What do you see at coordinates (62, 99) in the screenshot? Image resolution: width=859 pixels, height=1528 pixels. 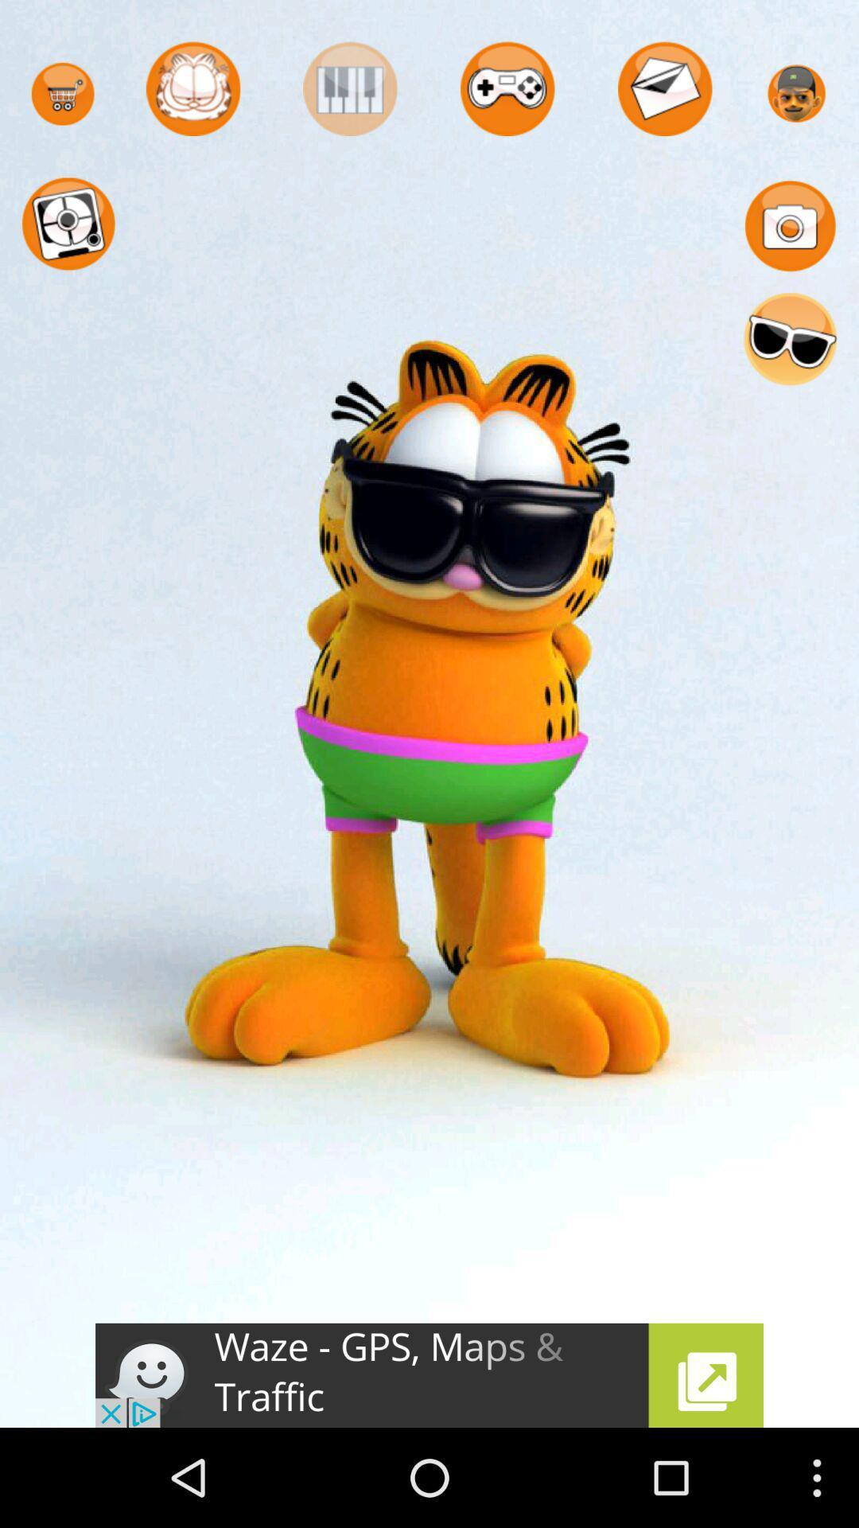 I see `the cart icon` at bounding box center [62, 99].